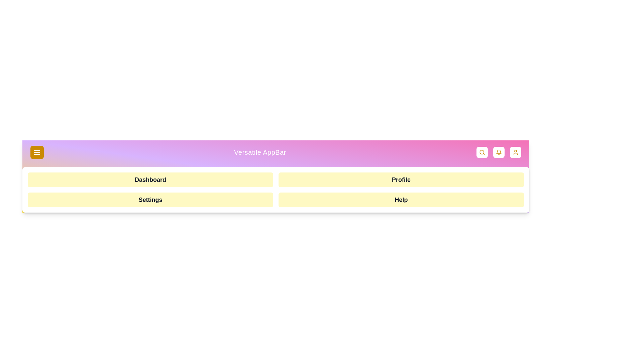 The width and height of the screenshot is (642, 361). Describe the element at coordinates (150, 199) in the screenshot. I see `the 'Settings' option in the navigation menu` at that location.